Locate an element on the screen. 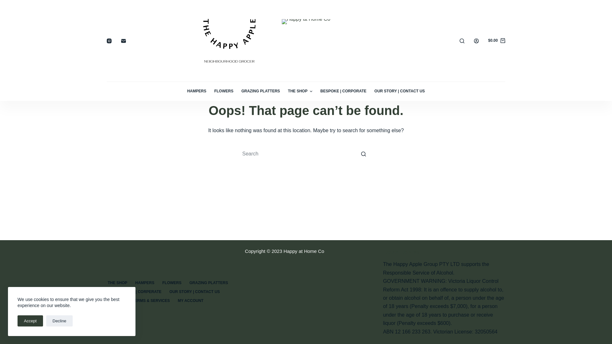 The width and height of the screenshot is (612, 344). 'Skip to content' is located at coordinates (6, 3).